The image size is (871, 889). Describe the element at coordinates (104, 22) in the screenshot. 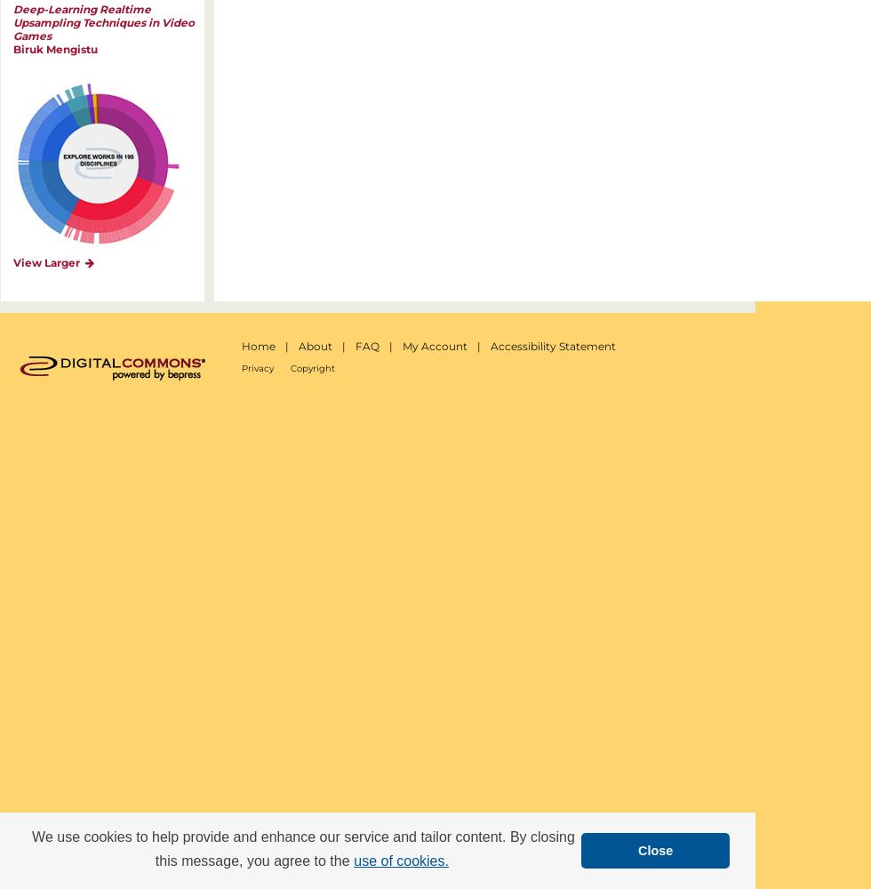

I see `'Deep-Learning Realtime Upsampling Techniques in Video Games'` at that location.